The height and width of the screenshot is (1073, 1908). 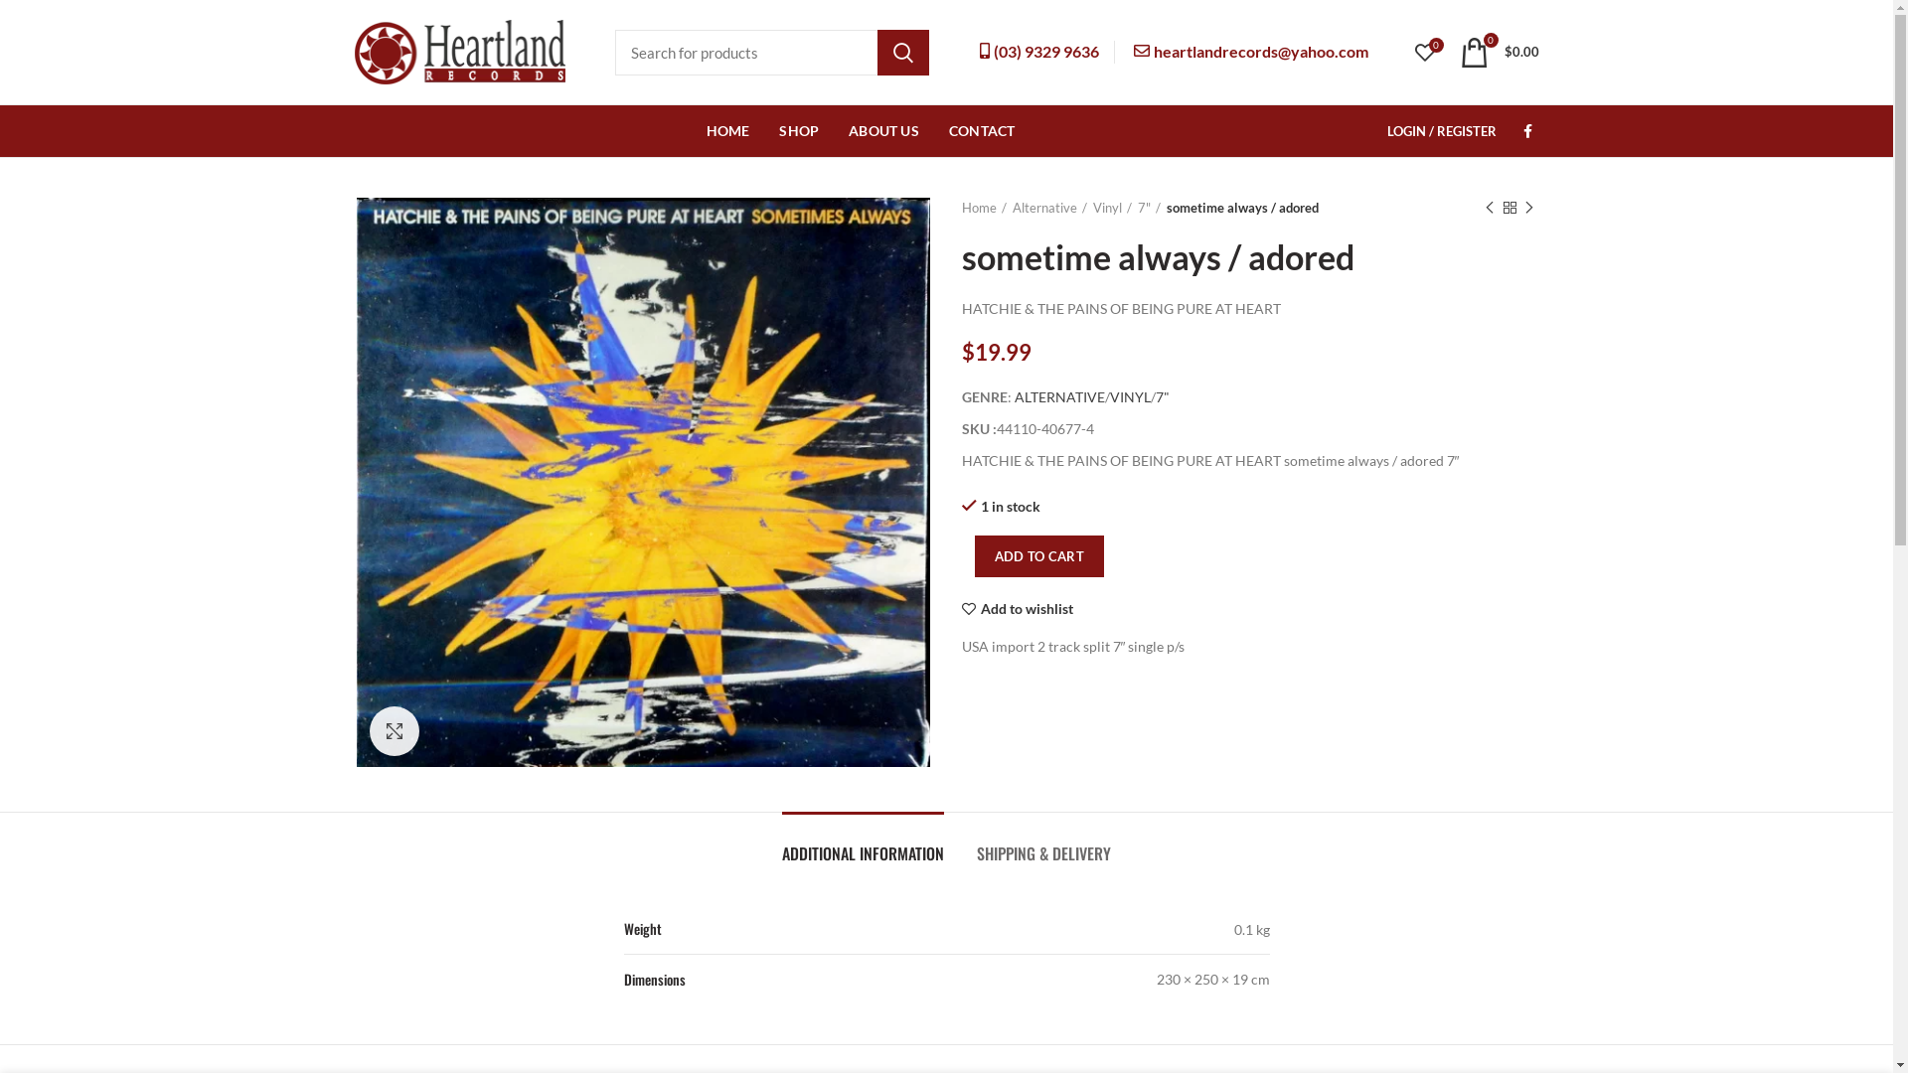 What do you see at coordinates (1526, 130) in the screenshot?
I see `'Facebook'` at bounding box center [1526, 130].